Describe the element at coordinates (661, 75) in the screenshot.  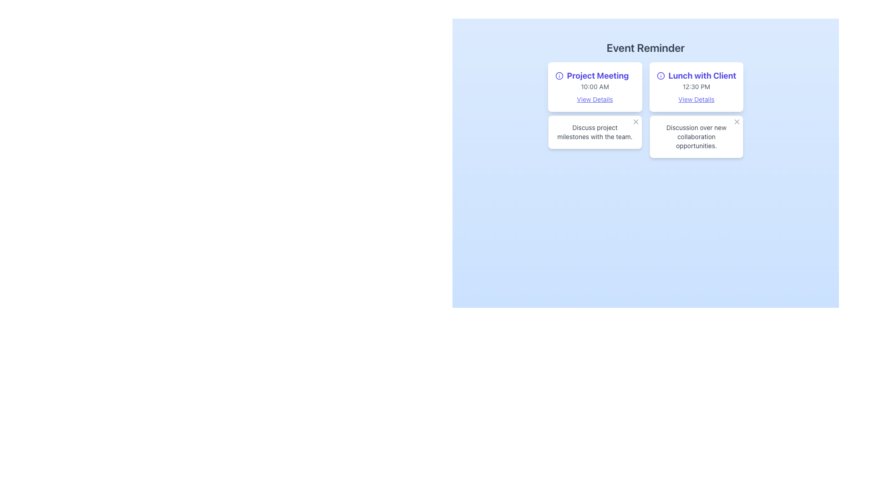
I see `the informational icon located to the left of the 'Lunch with Client' text in the second event card under the 'Event Reminder' header` at that location.